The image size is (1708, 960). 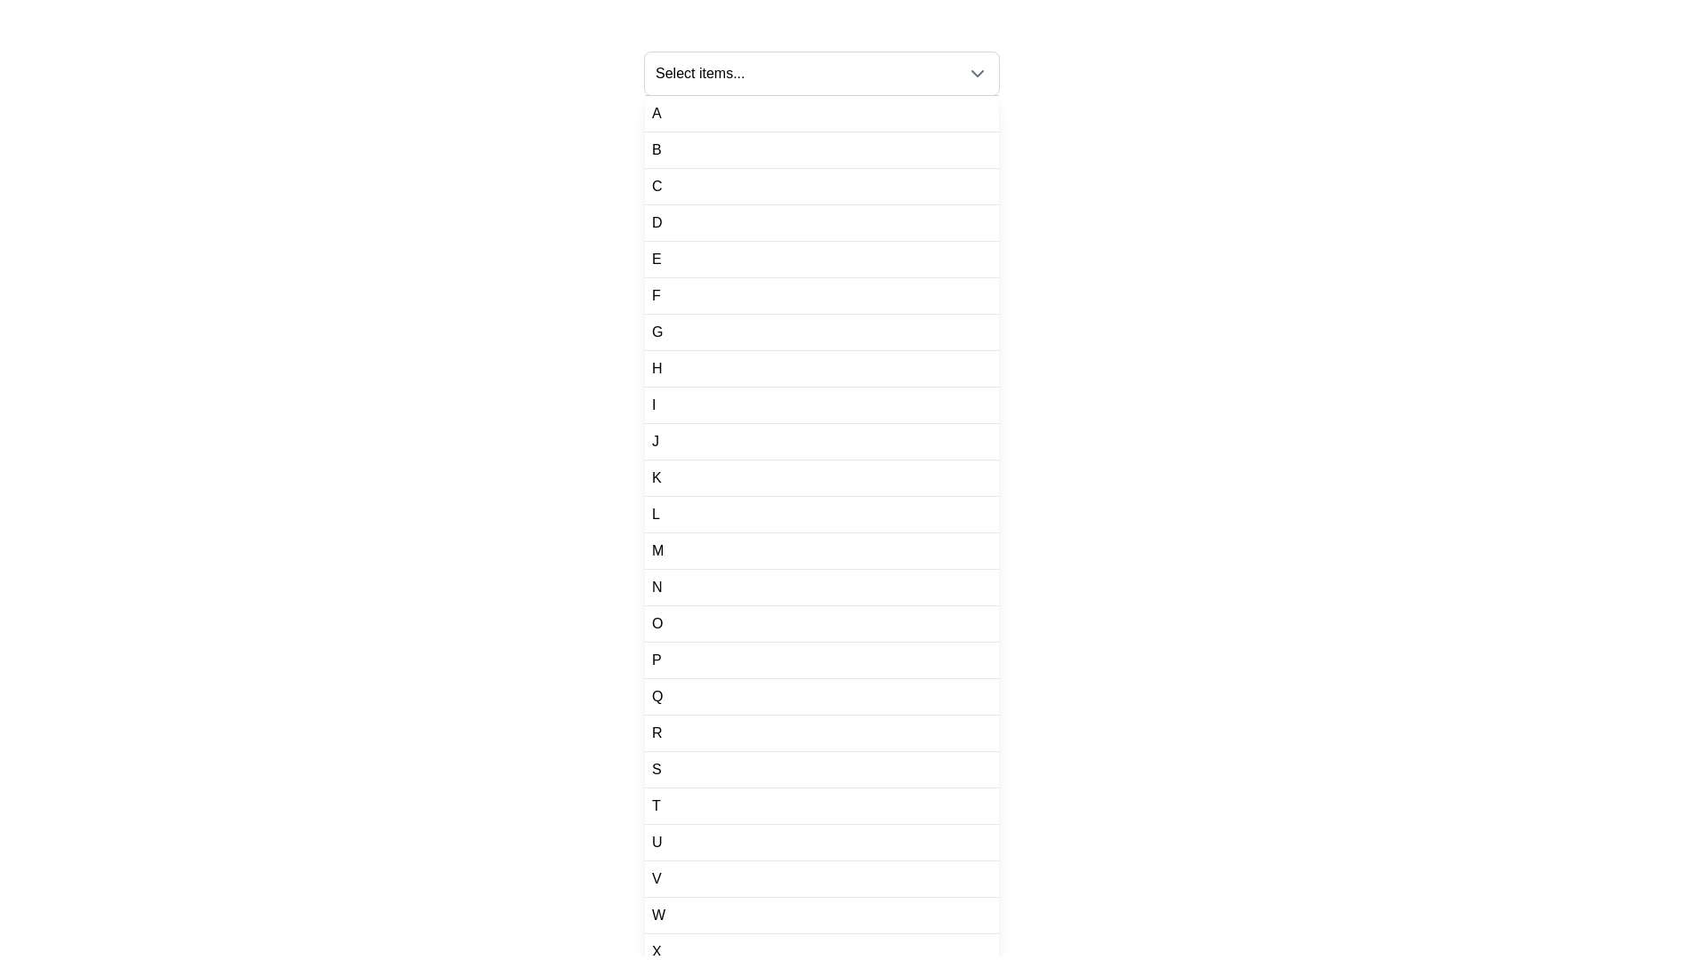 I want to click on the selectable option representing the letter 'L' in the dropdown list, which is the 12th item positioned between 'K' and 'M', so click(x=821, y=515).